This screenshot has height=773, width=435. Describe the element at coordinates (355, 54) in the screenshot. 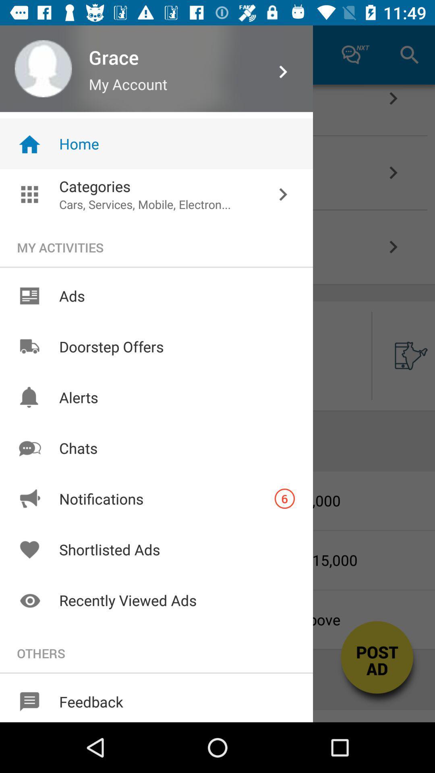

I see `icon left to search icon at the top right corner` at that location.